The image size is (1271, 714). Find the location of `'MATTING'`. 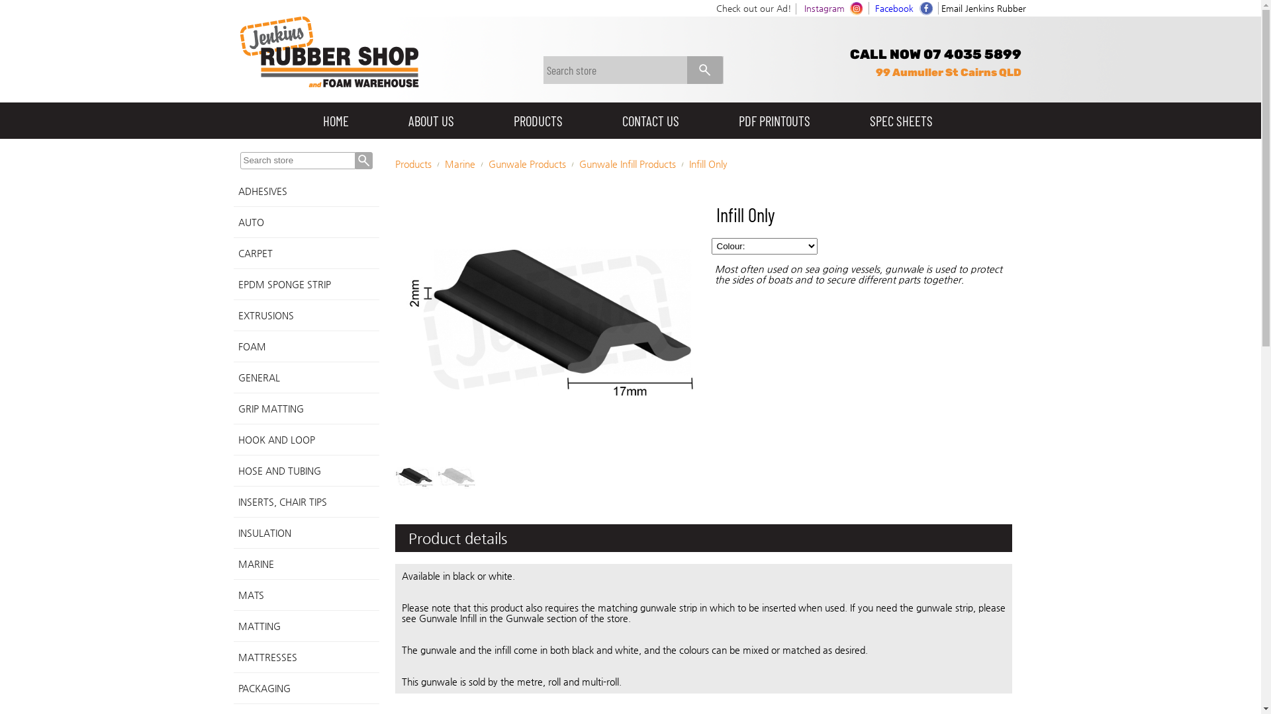

'MATTING' is located at coordinates (305, 625).